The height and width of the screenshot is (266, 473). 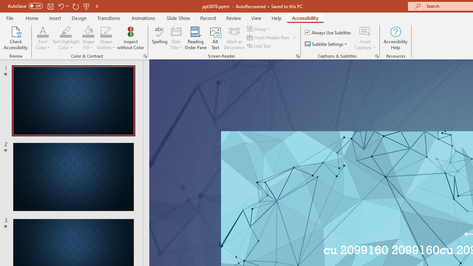 What do you see at coordinates (259, 28) in the screenshot?
I see `'Group'` at bounding box center [259, 28].